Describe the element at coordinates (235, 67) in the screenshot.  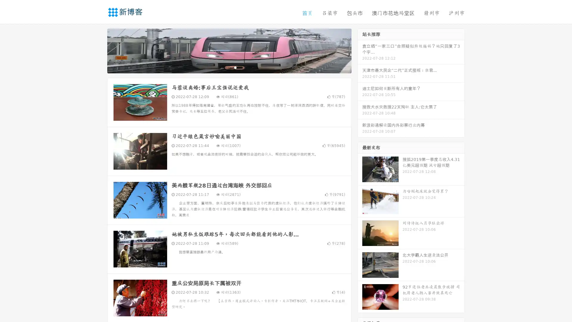
I see `Go to slide 3` at that location.